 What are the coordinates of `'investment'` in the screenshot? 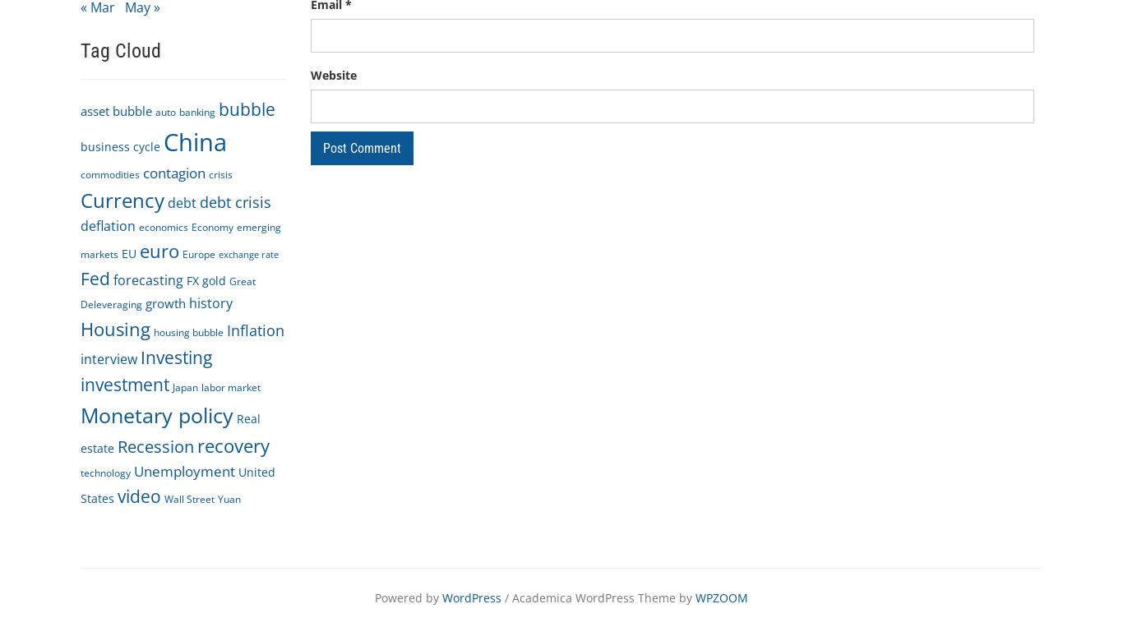 It's located at (124, 383).